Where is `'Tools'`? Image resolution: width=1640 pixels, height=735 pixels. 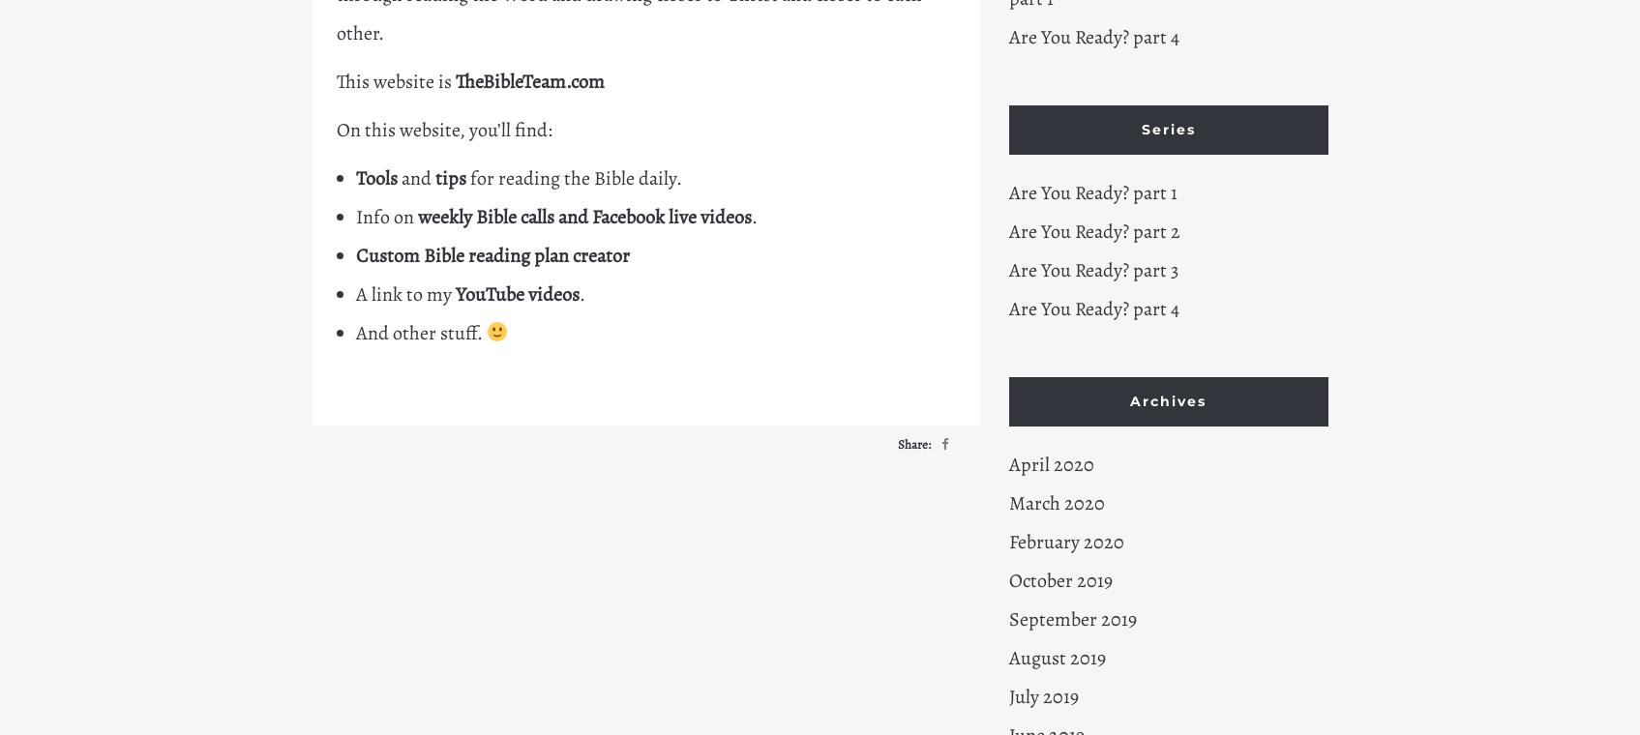 'Tools' is located at coordinates (374, 178).